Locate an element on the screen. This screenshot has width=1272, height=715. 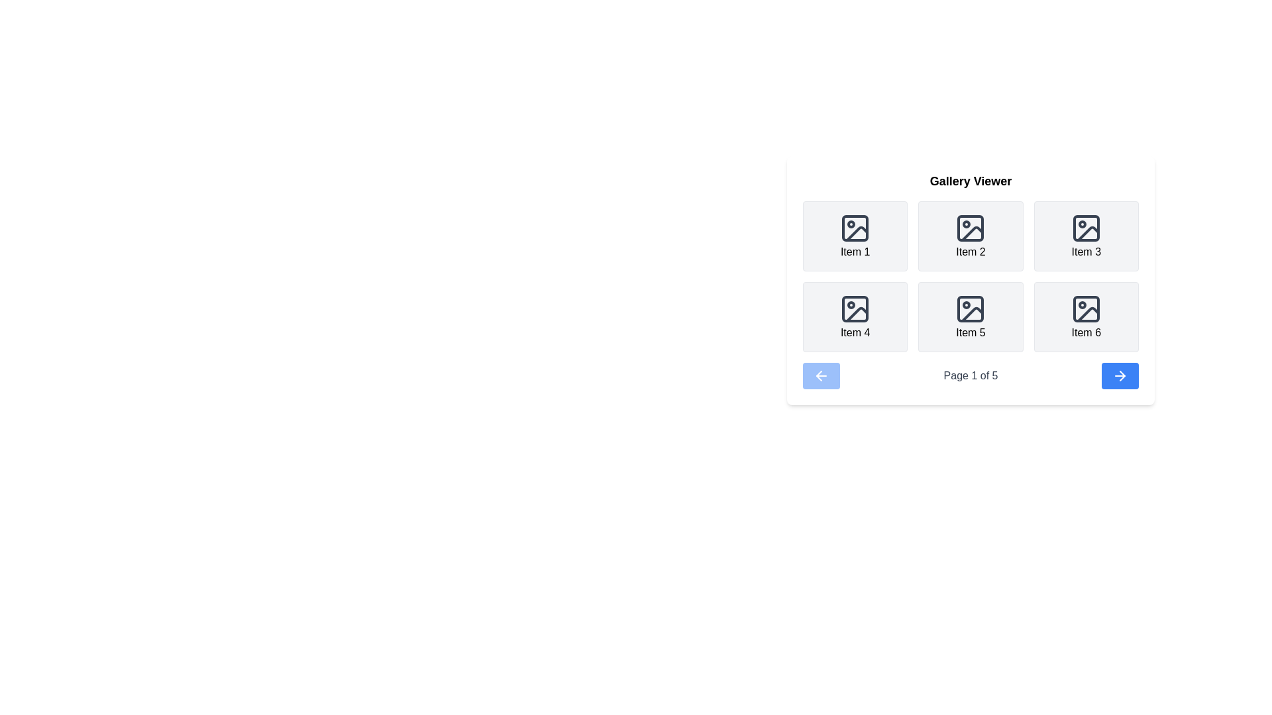
the SVG icon representing an image placeholder located in 'Item 6' of the gallery grid, which features a rectangular frame with rounded corners and a monochromatic dark gray color is located at coordinates (1086, 309).